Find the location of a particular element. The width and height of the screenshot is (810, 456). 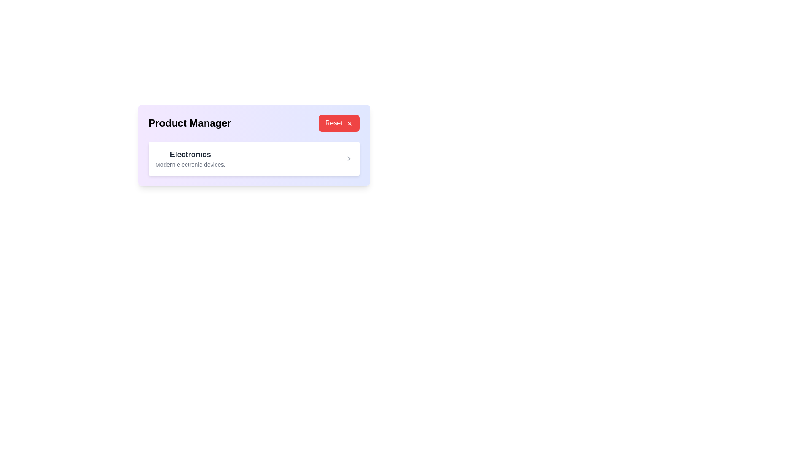

the static text label displaying 'Product Manager', which is styled in a large bold font on a light purple background, located at the top left of a card structure, aligned vertically with the 'Reset' button is located at coordinates (189, 123).